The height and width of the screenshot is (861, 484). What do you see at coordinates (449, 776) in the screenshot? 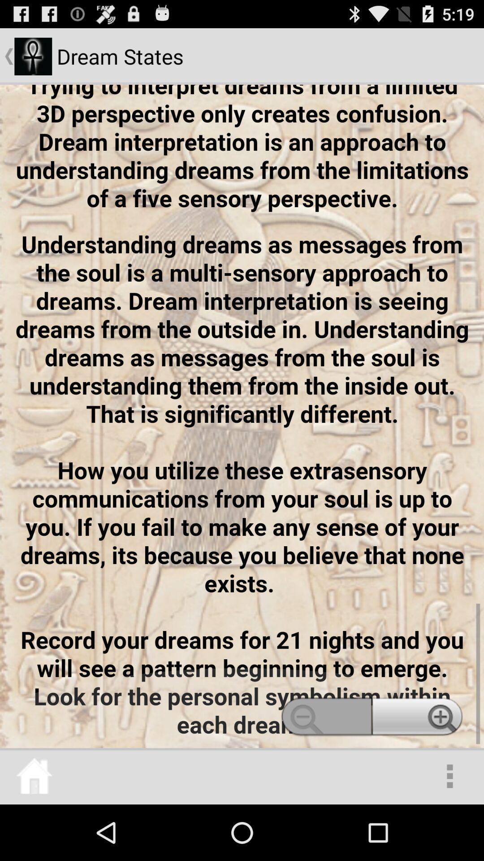
I see `the item at the bottom right corner` at bounding box center [449, 776].